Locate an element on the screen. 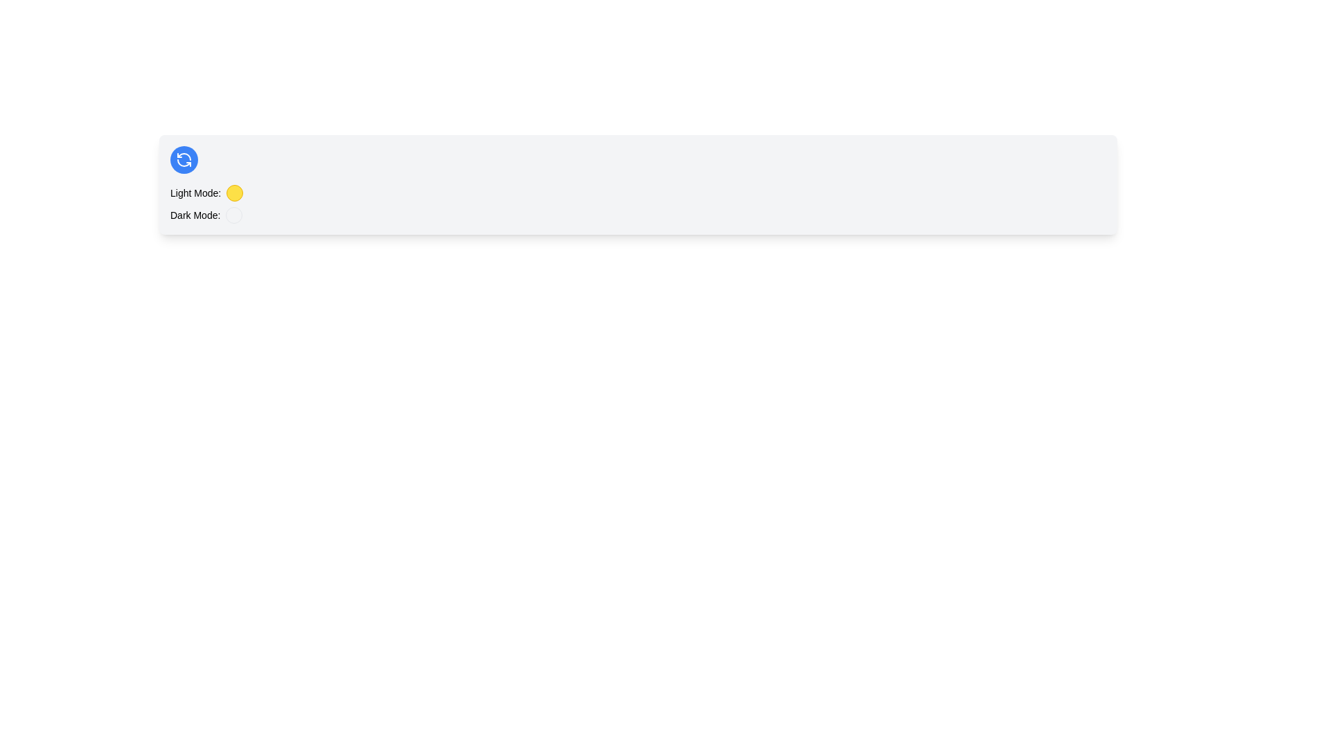 Image resolution: width=1330 pixels, height=748 pixels. the circular button with a yellow background and border, located to the right of the 'Light Mode:' label is located at coordinates (235, 193).